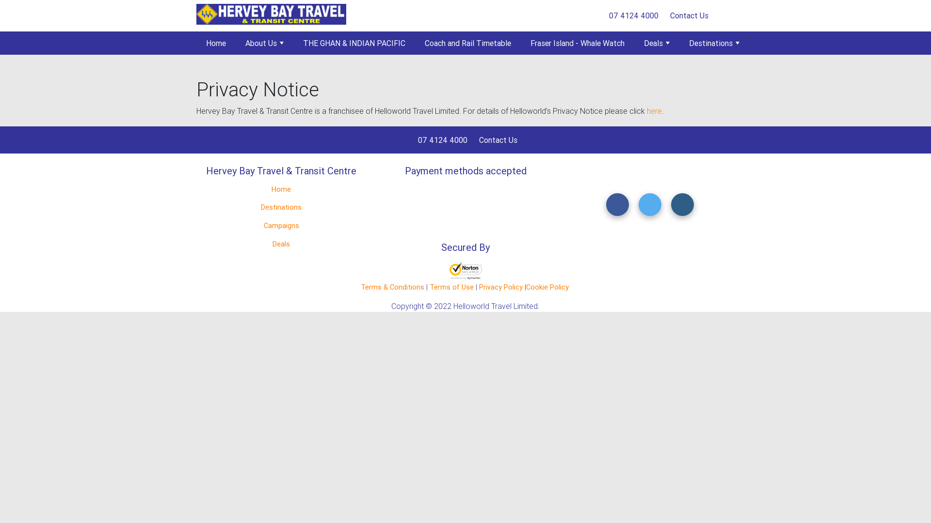  Describe the element at coordinates (281, 207) in the screenshot. I see `'Destinations'` at that location.